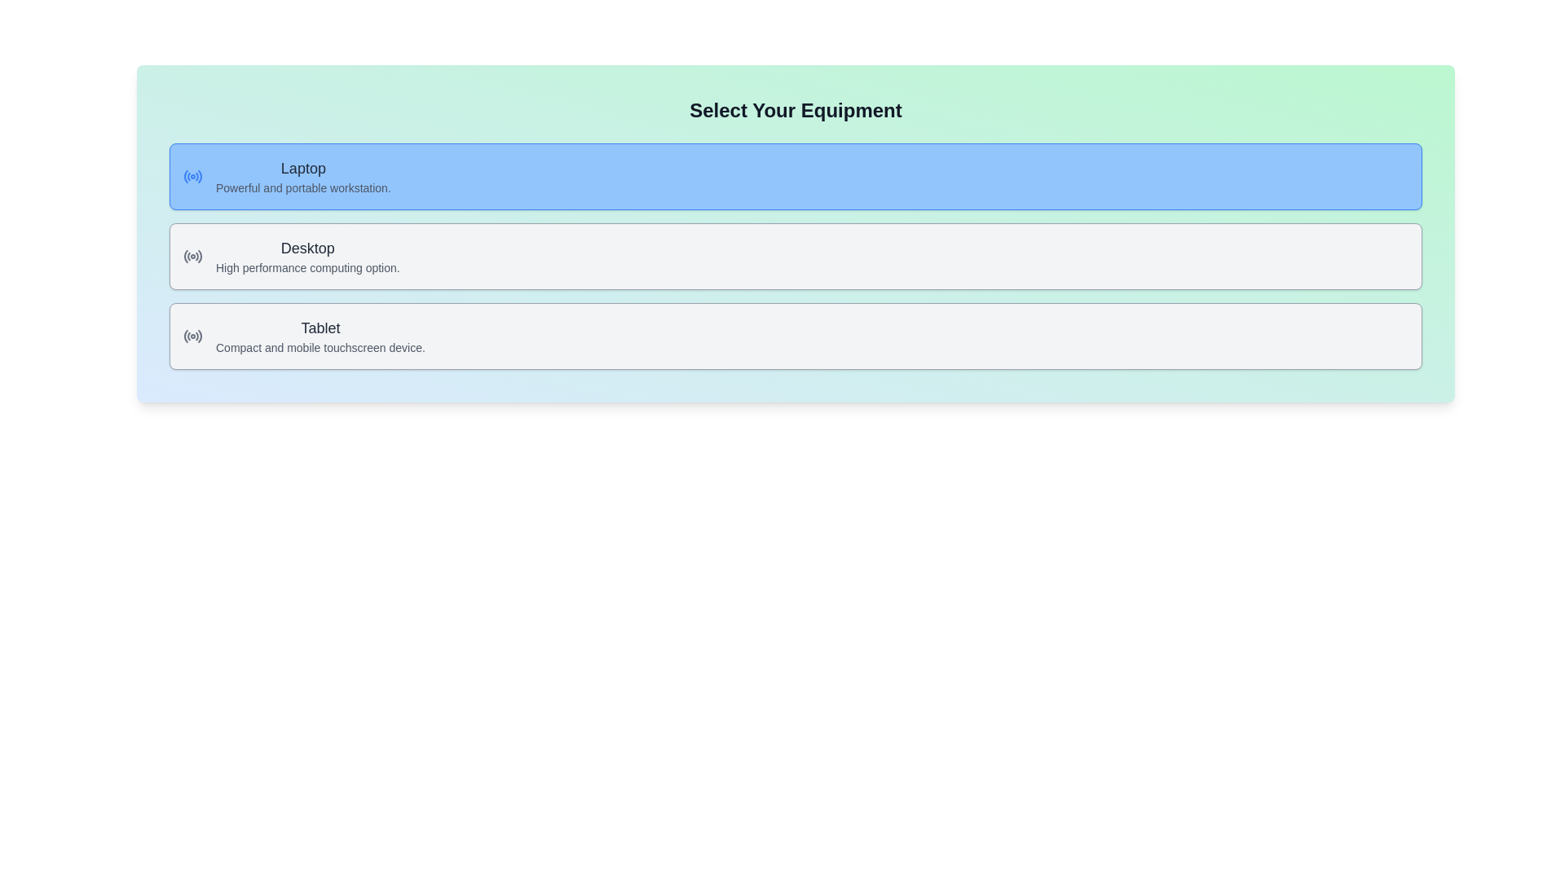 The height and width of the screenshot is (880, 1565). Describe the element at coordinates (303, 176) in the screenshot. I see `the descriptive label that displays 'Laptop' in a bold font and 'Powerful and portable workstation.' below it, set within a blue rectangular background at the top of the list containing 'Desktop' and 'Tablet'` at that location.